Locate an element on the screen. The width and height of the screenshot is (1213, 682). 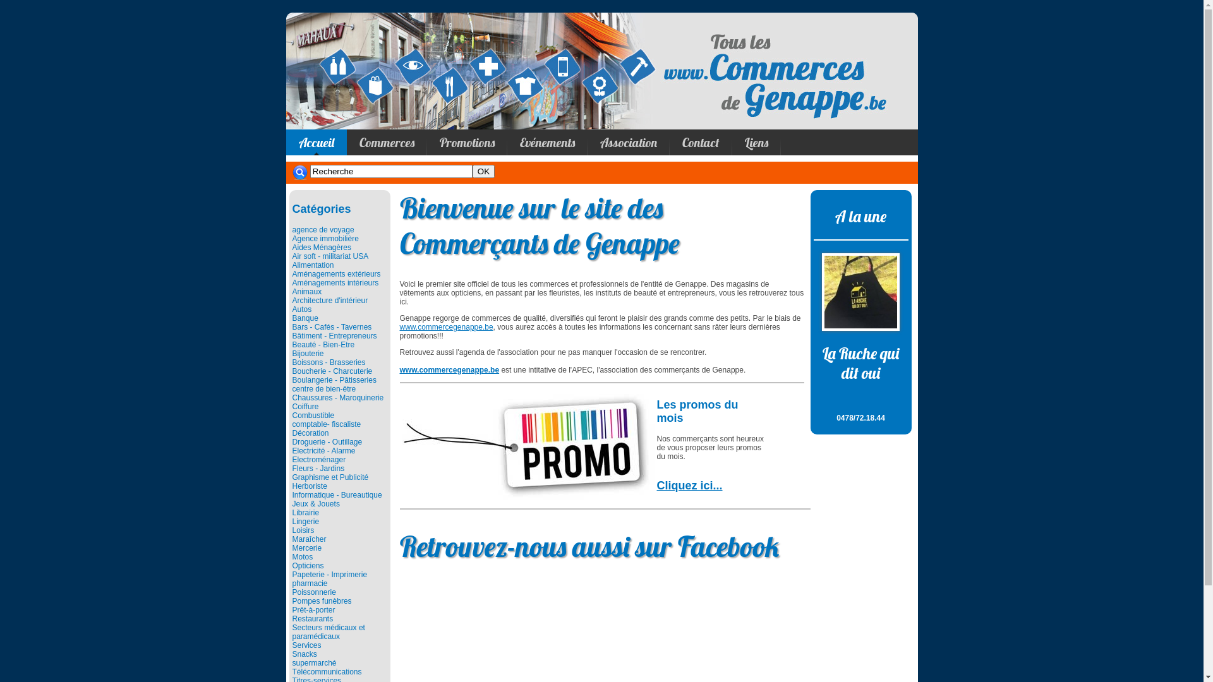
'Boucherie - Charcuterie' is located at coordinates (332, 370).